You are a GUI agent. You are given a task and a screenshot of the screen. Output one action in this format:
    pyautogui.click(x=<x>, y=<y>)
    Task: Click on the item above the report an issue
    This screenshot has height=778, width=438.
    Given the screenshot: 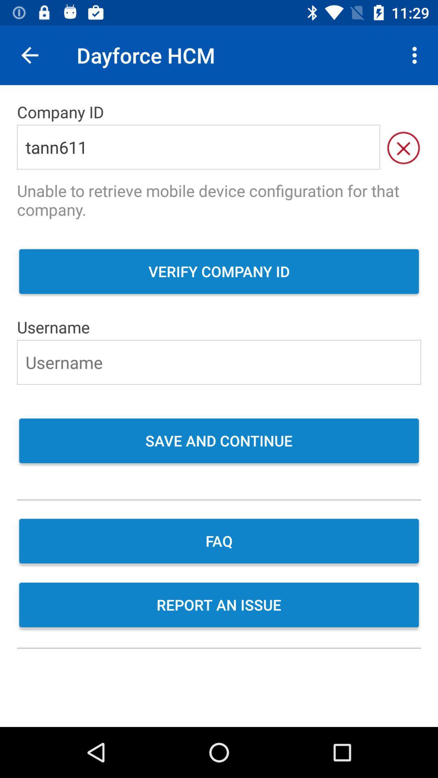 What is the action you would take?
    pyautogui.click(x=219, y=542)
    